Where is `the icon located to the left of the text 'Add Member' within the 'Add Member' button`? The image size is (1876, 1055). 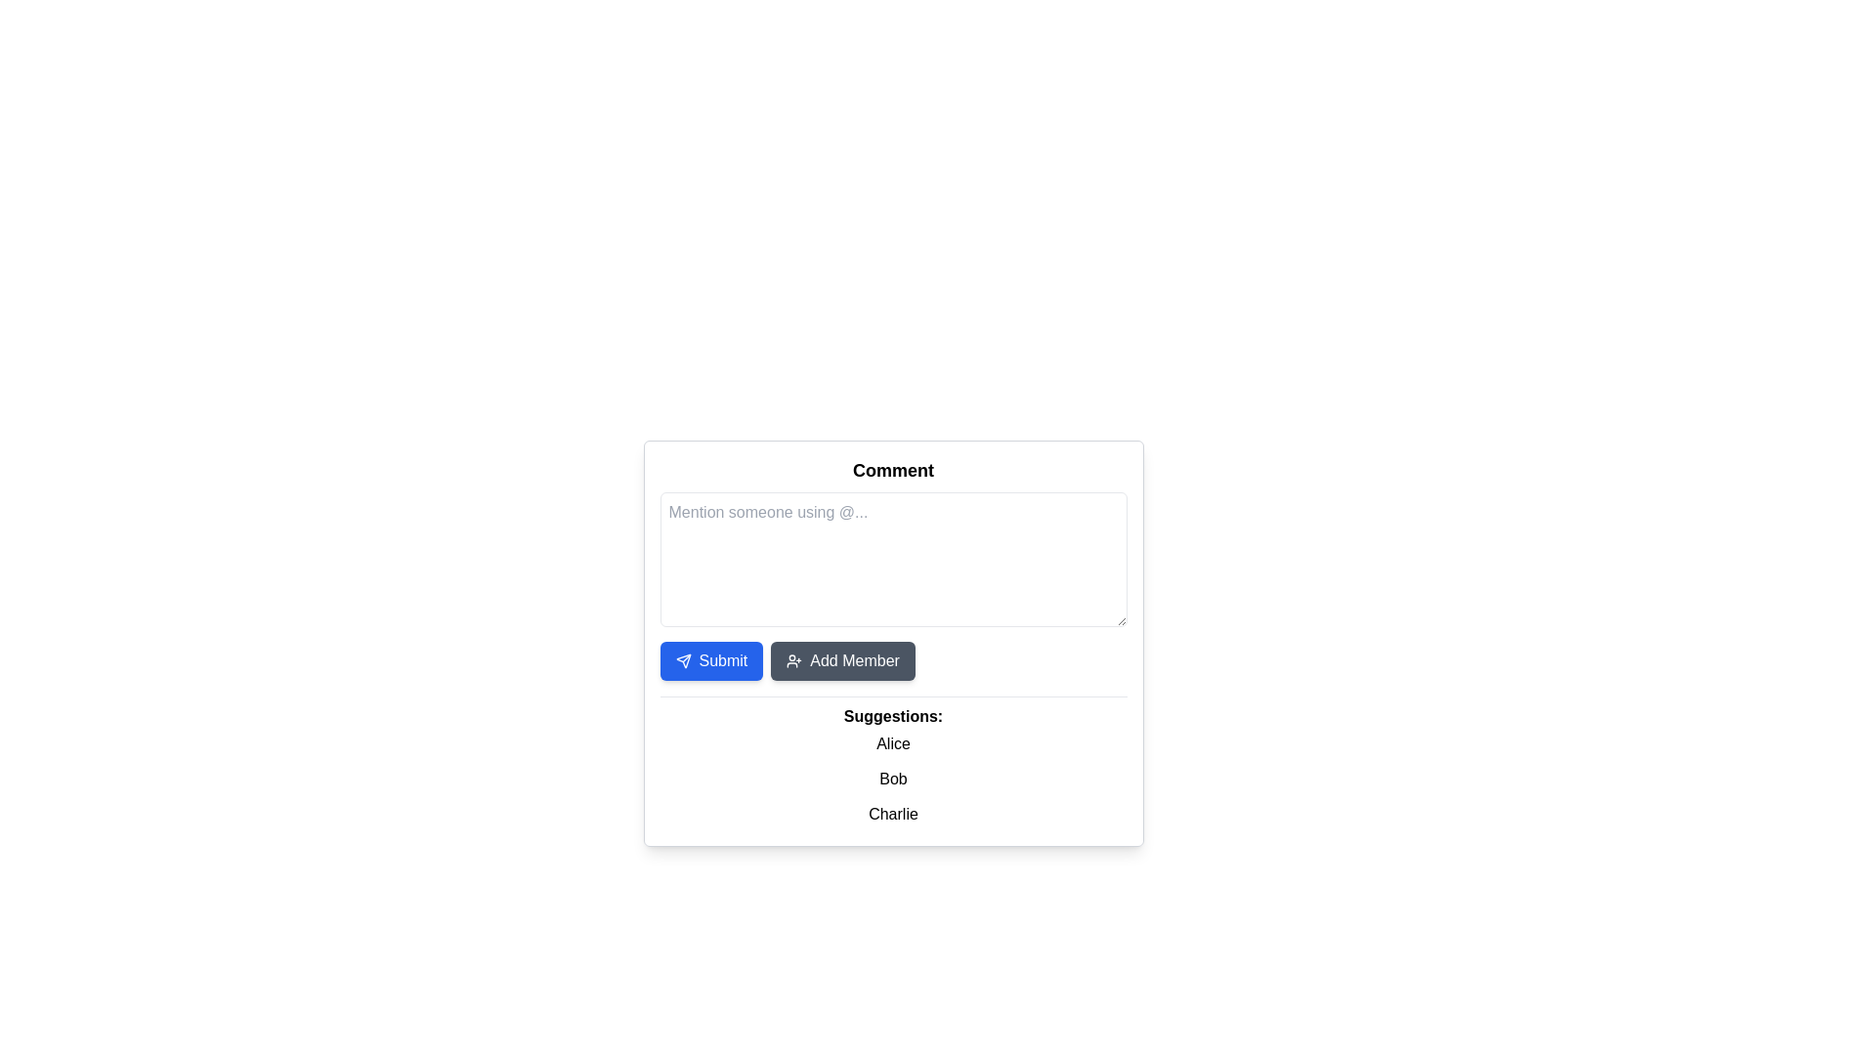 the icon located to the left of the text 'Add Member' within the 'Add Member' button is located at coordinates (794, 660).